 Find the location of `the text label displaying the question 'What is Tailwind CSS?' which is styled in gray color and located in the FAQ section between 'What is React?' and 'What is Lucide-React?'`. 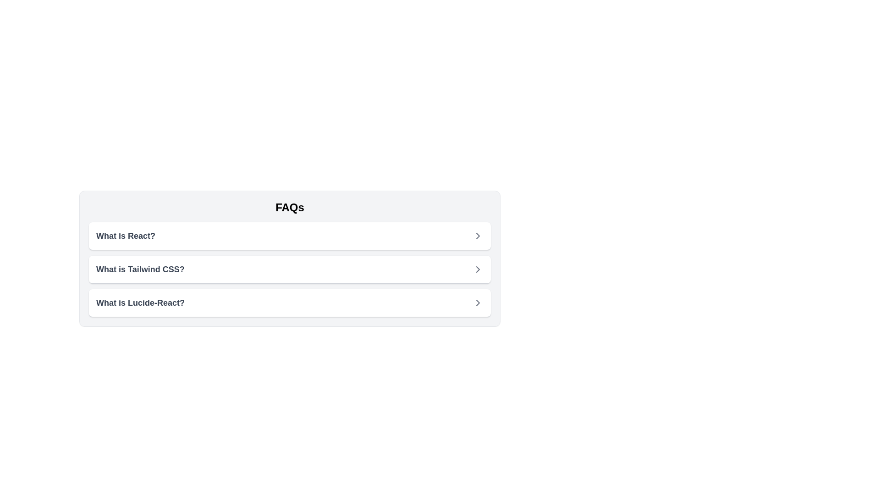

the text label displaying the question 'What is Tailwind CSS?' which is styled in gray color and located in the FAQ section between 'What is React?' and 'What is Lucide-React?' is located at coordinates (140, 269).